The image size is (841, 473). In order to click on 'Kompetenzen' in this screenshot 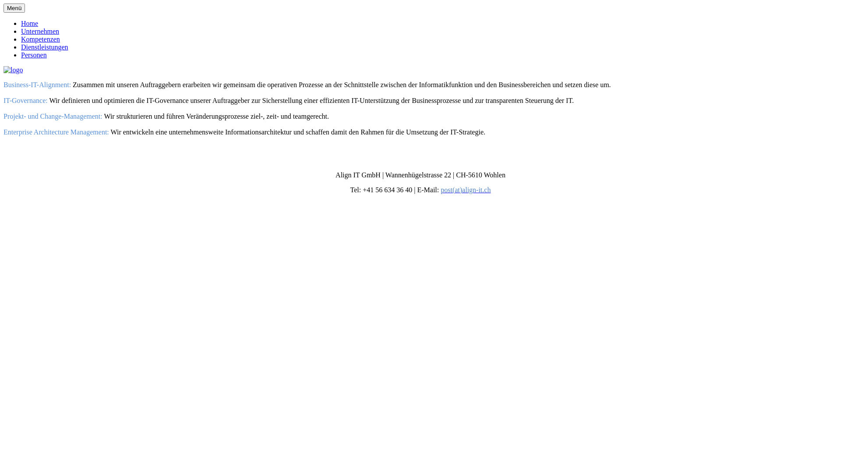, I will do `click(40, 39)`.